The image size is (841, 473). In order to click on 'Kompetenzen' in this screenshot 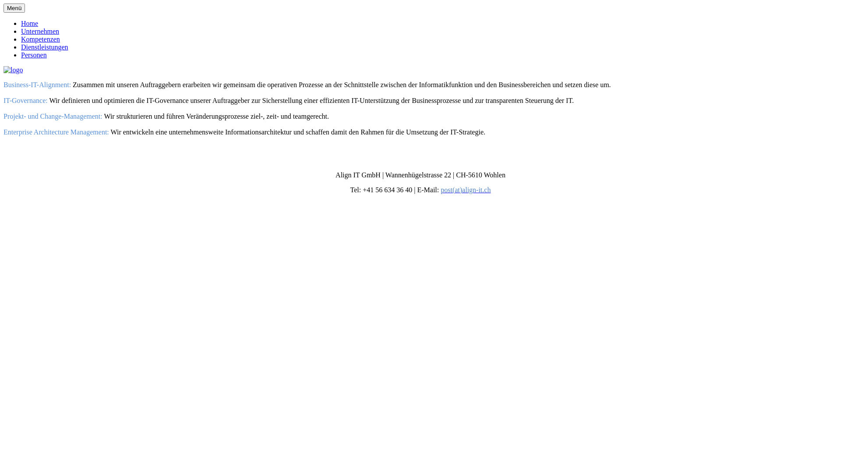, I will do `click(40, 39)`.